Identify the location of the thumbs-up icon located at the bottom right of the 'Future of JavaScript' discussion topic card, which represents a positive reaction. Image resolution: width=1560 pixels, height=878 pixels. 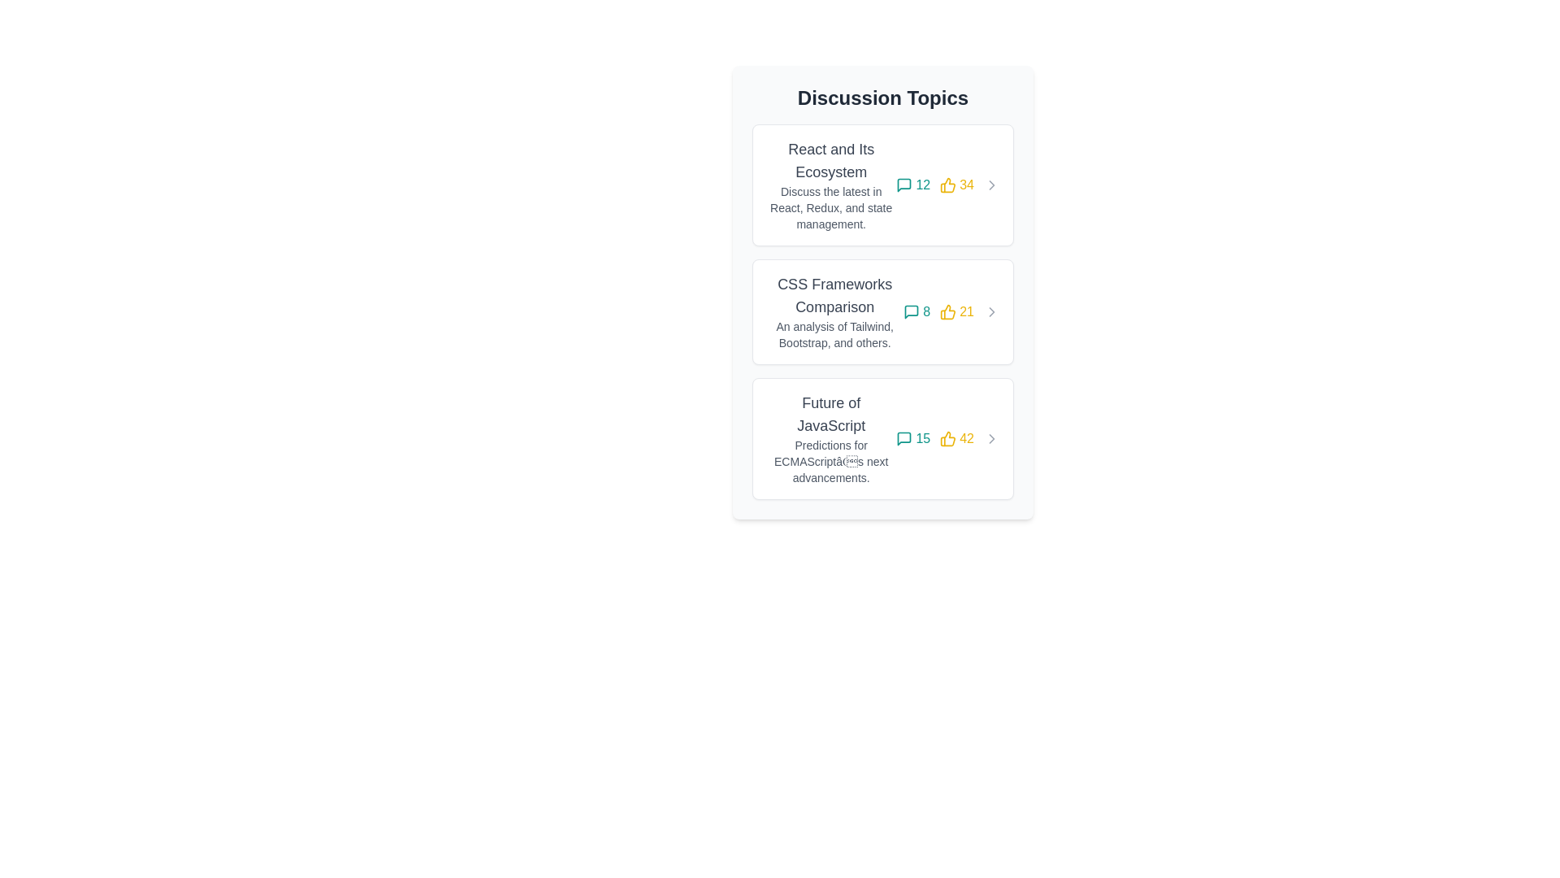
(948, 439).